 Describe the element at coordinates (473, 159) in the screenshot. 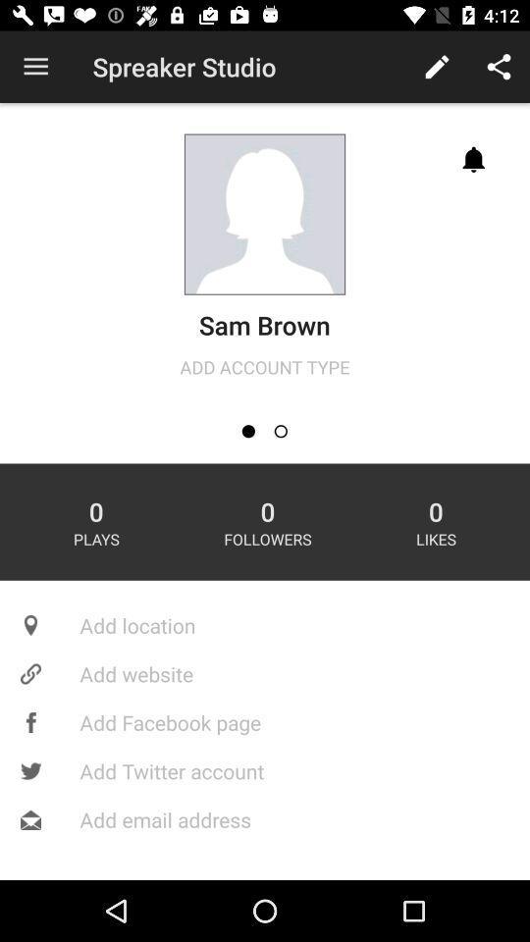

I see `the bell icon at the top right corner` at that location.